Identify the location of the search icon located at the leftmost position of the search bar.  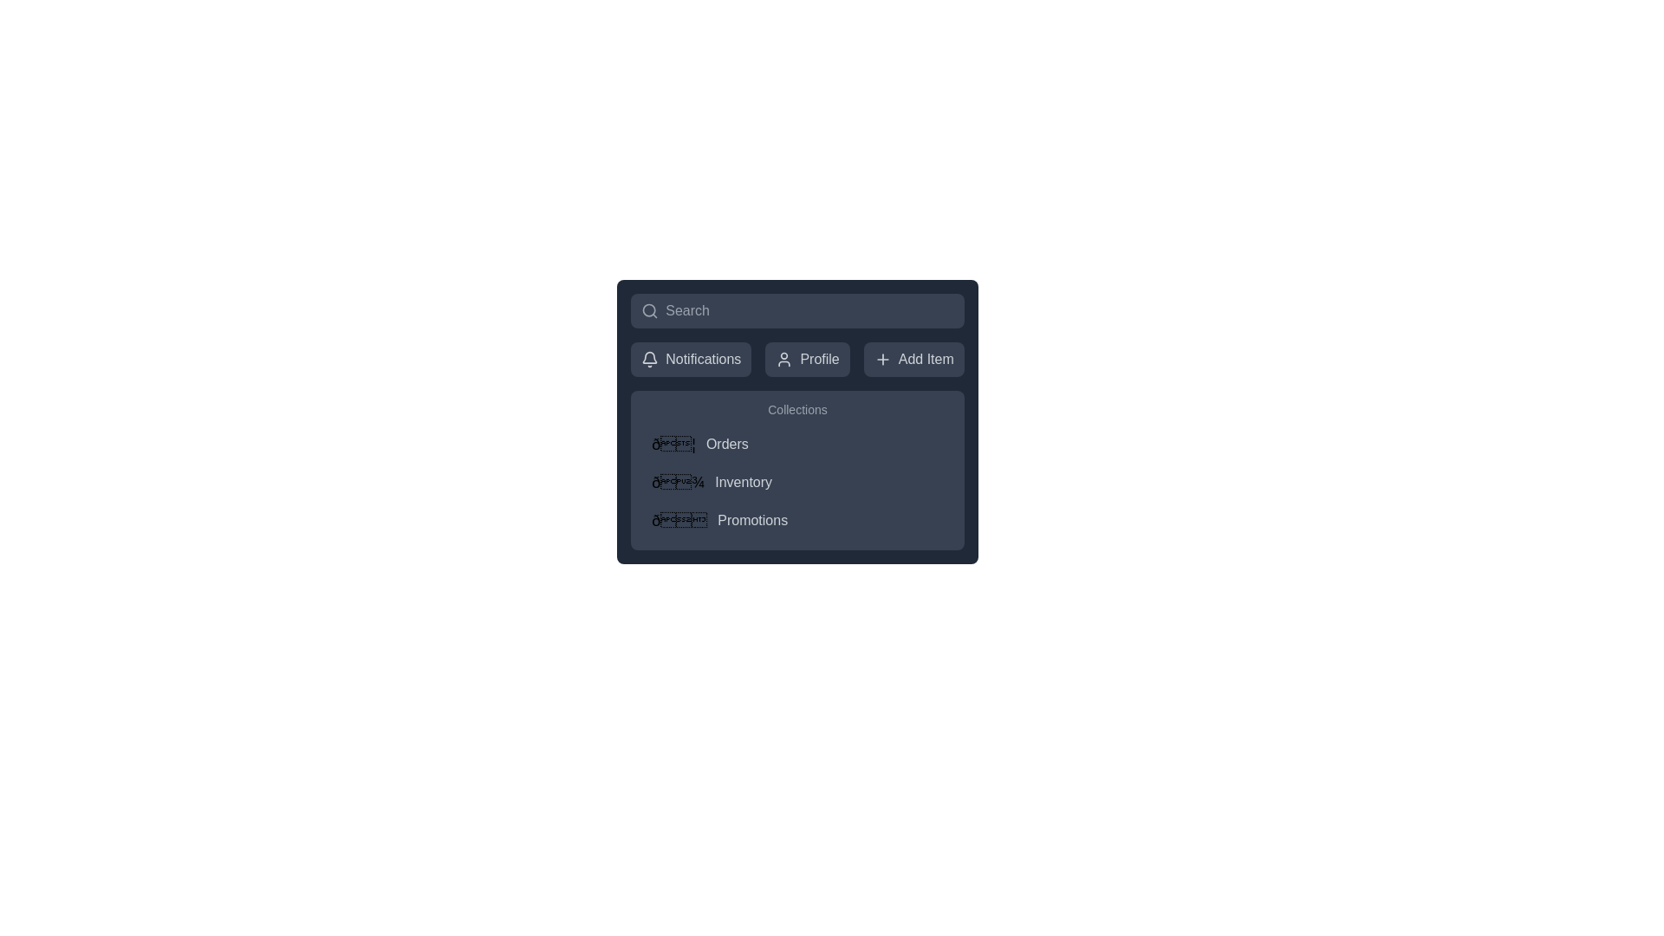
(649, 309).